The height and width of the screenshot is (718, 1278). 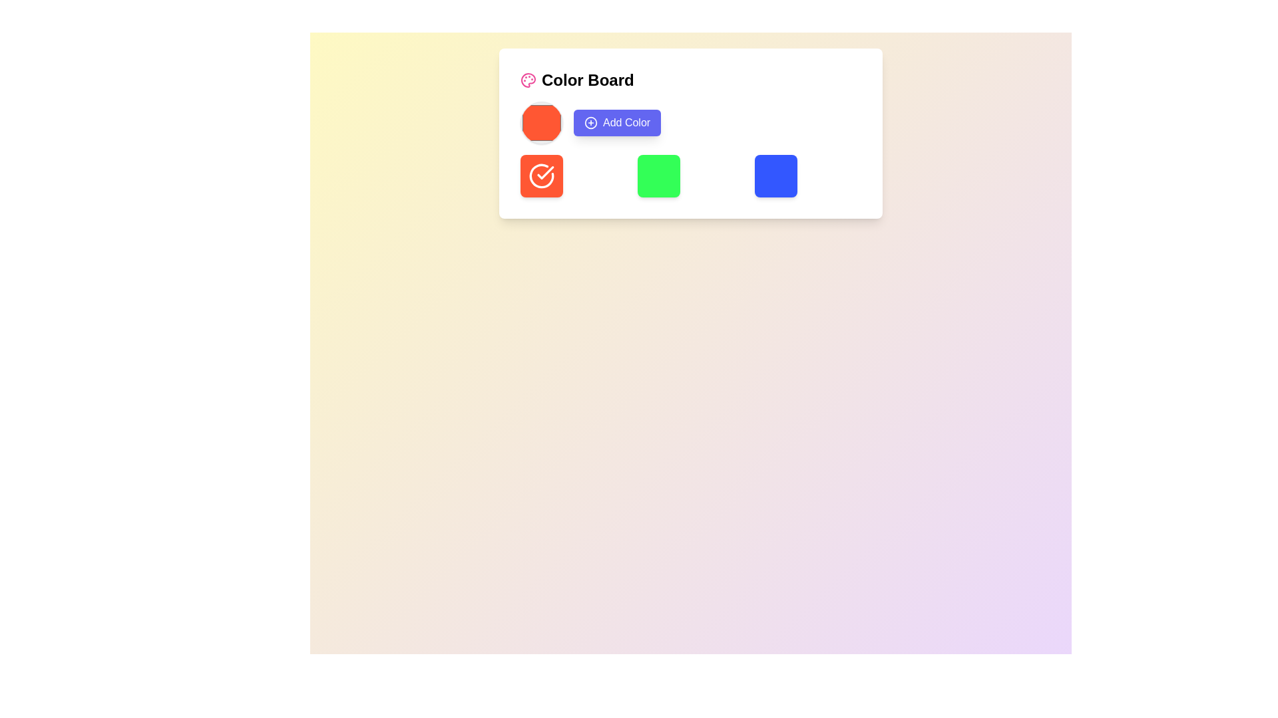 What do you see at coordinates (776, 176) in the screenshot?
I see `the third button in the second row of a grid layout` at bounding box center [776, 176].